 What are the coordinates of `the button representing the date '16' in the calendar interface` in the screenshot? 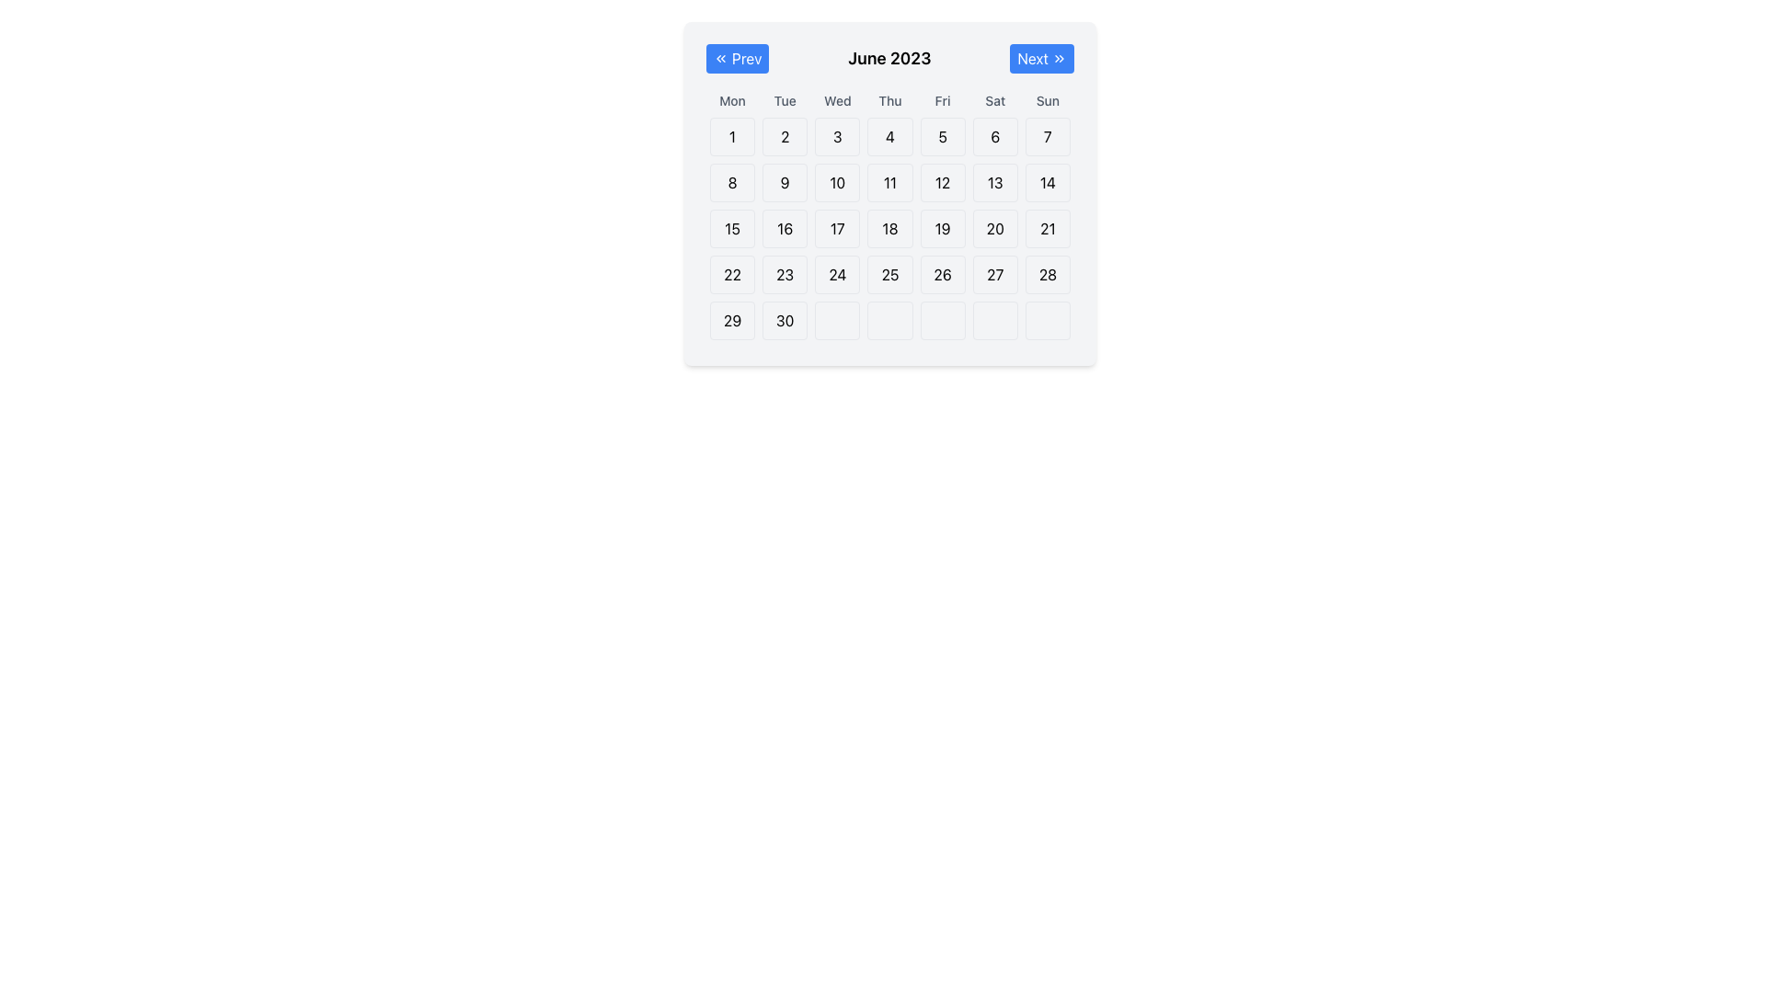 It's located at (785, 228).